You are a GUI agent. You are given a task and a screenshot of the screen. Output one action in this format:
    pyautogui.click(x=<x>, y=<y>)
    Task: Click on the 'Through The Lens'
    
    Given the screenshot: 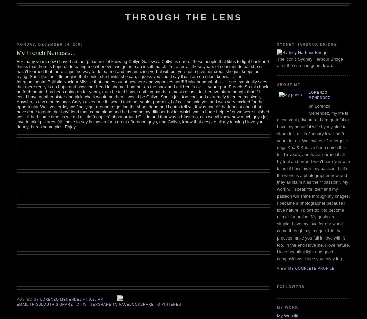 What is the action you would take?
    pyautogui.click(x=183, y=17)
    